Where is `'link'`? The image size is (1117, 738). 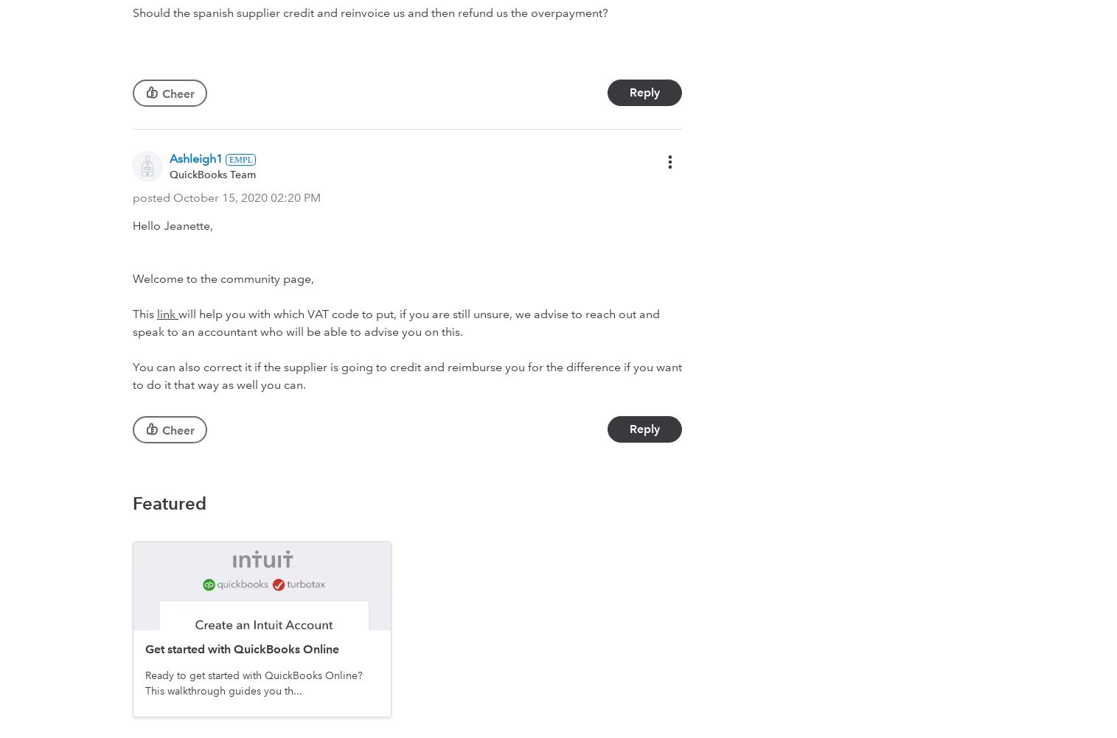 'link' is located at coordinates (167, 312).